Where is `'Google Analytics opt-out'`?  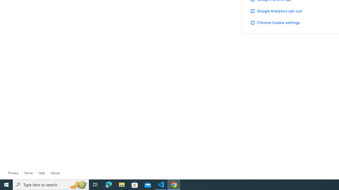 'Google Analytics opt-out' is located at coordinates (275, 11).